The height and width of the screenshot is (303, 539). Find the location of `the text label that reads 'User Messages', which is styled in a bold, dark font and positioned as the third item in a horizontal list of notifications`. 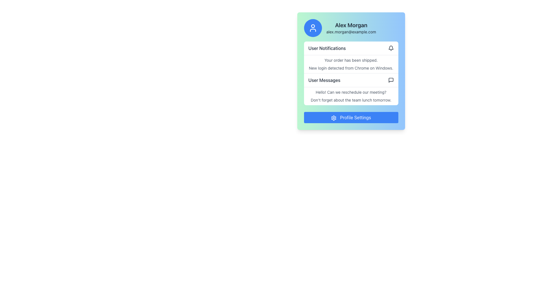

the text label that reads 'User Messages', which is styled in a bold, dark font and positioned as the third item in a horizontal list of notifications is located at coordinates (324, 80).